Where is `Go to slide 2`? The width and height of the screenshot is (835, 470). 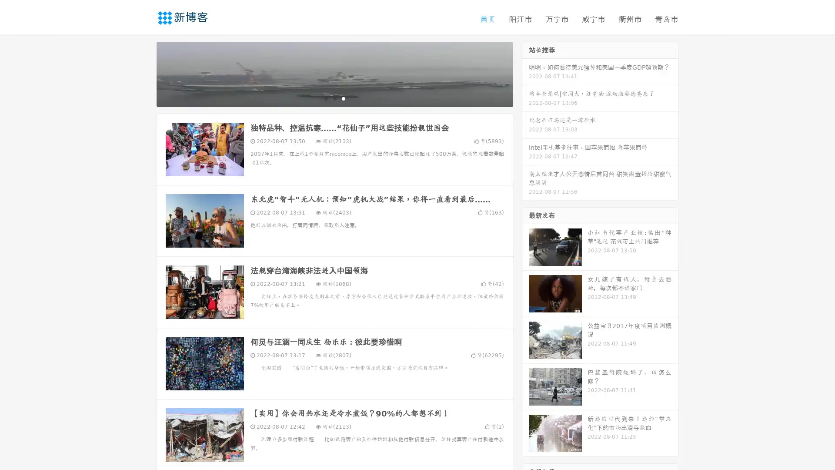 Go to slide 2 is located at coordinates (334, 98).